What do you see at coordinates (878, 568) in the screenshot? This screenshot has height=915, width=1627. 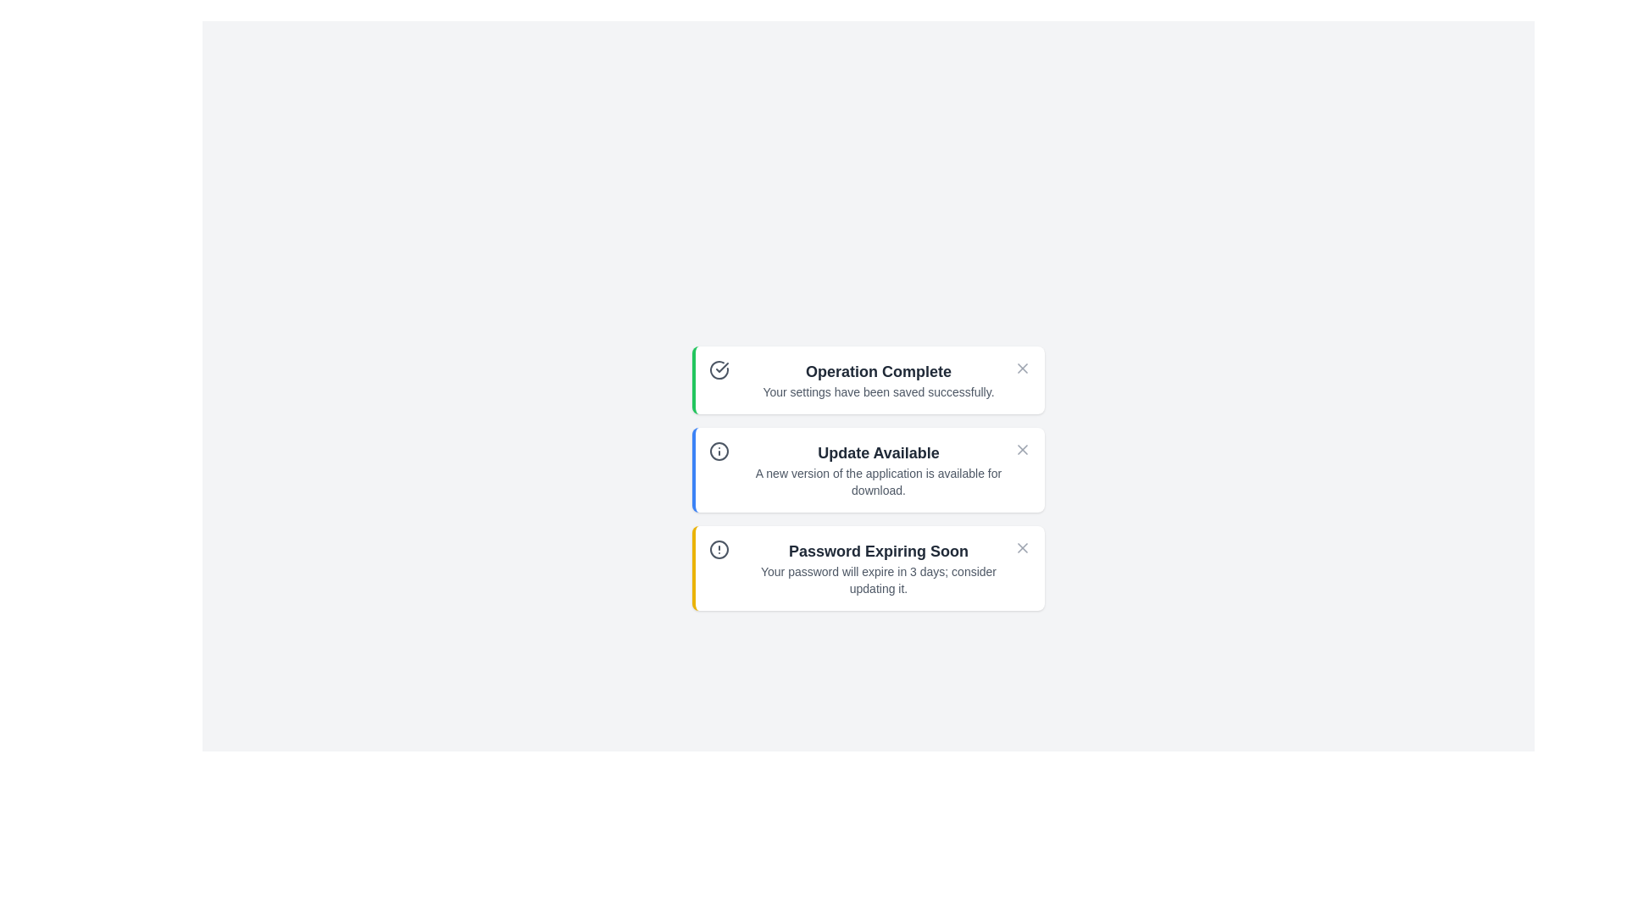 I see `the notification card displaying the warning message 'Password Expiring Soon', which is the third card in the list of notifications, located at the bottom with a yellow border on the left` at bounding box center [878, 568].